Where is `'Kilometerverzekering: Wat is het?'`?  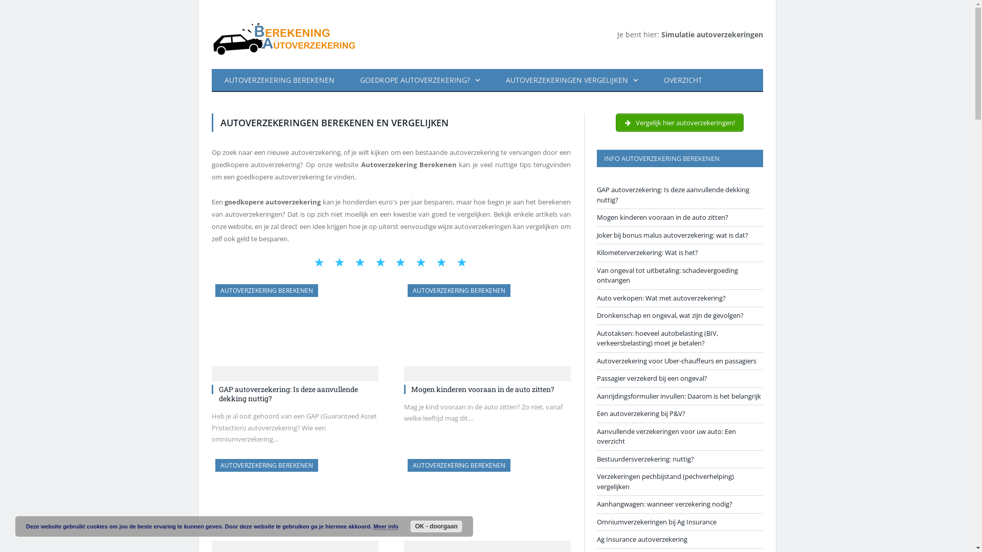
'Kilometerverzekering: Wat is het?' is located at coordinates (646, 252).